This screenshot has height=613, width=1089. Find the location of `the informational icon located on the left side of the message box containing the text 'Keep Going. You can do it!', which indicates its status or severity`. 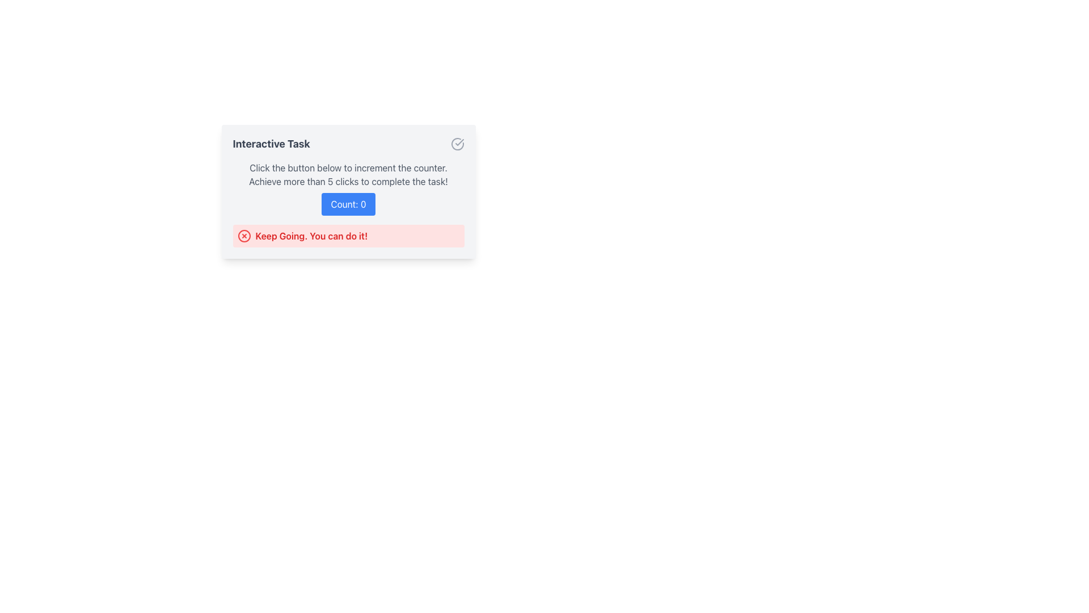

the informational icon located on the left side of the message box containing the text 'Keep Going. You can do it!', which indicates its status or severity is located at coordinates (243, 236).